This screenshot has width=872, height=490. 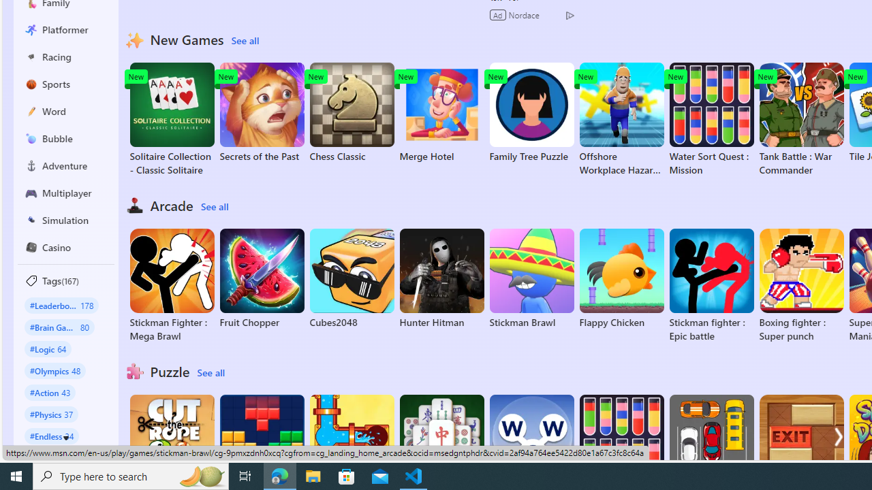 What do you see at coordinates (711, 119) in the screenshot?
I see `'Water Sort Quest : Mission'` at bounding box center [711, 119].